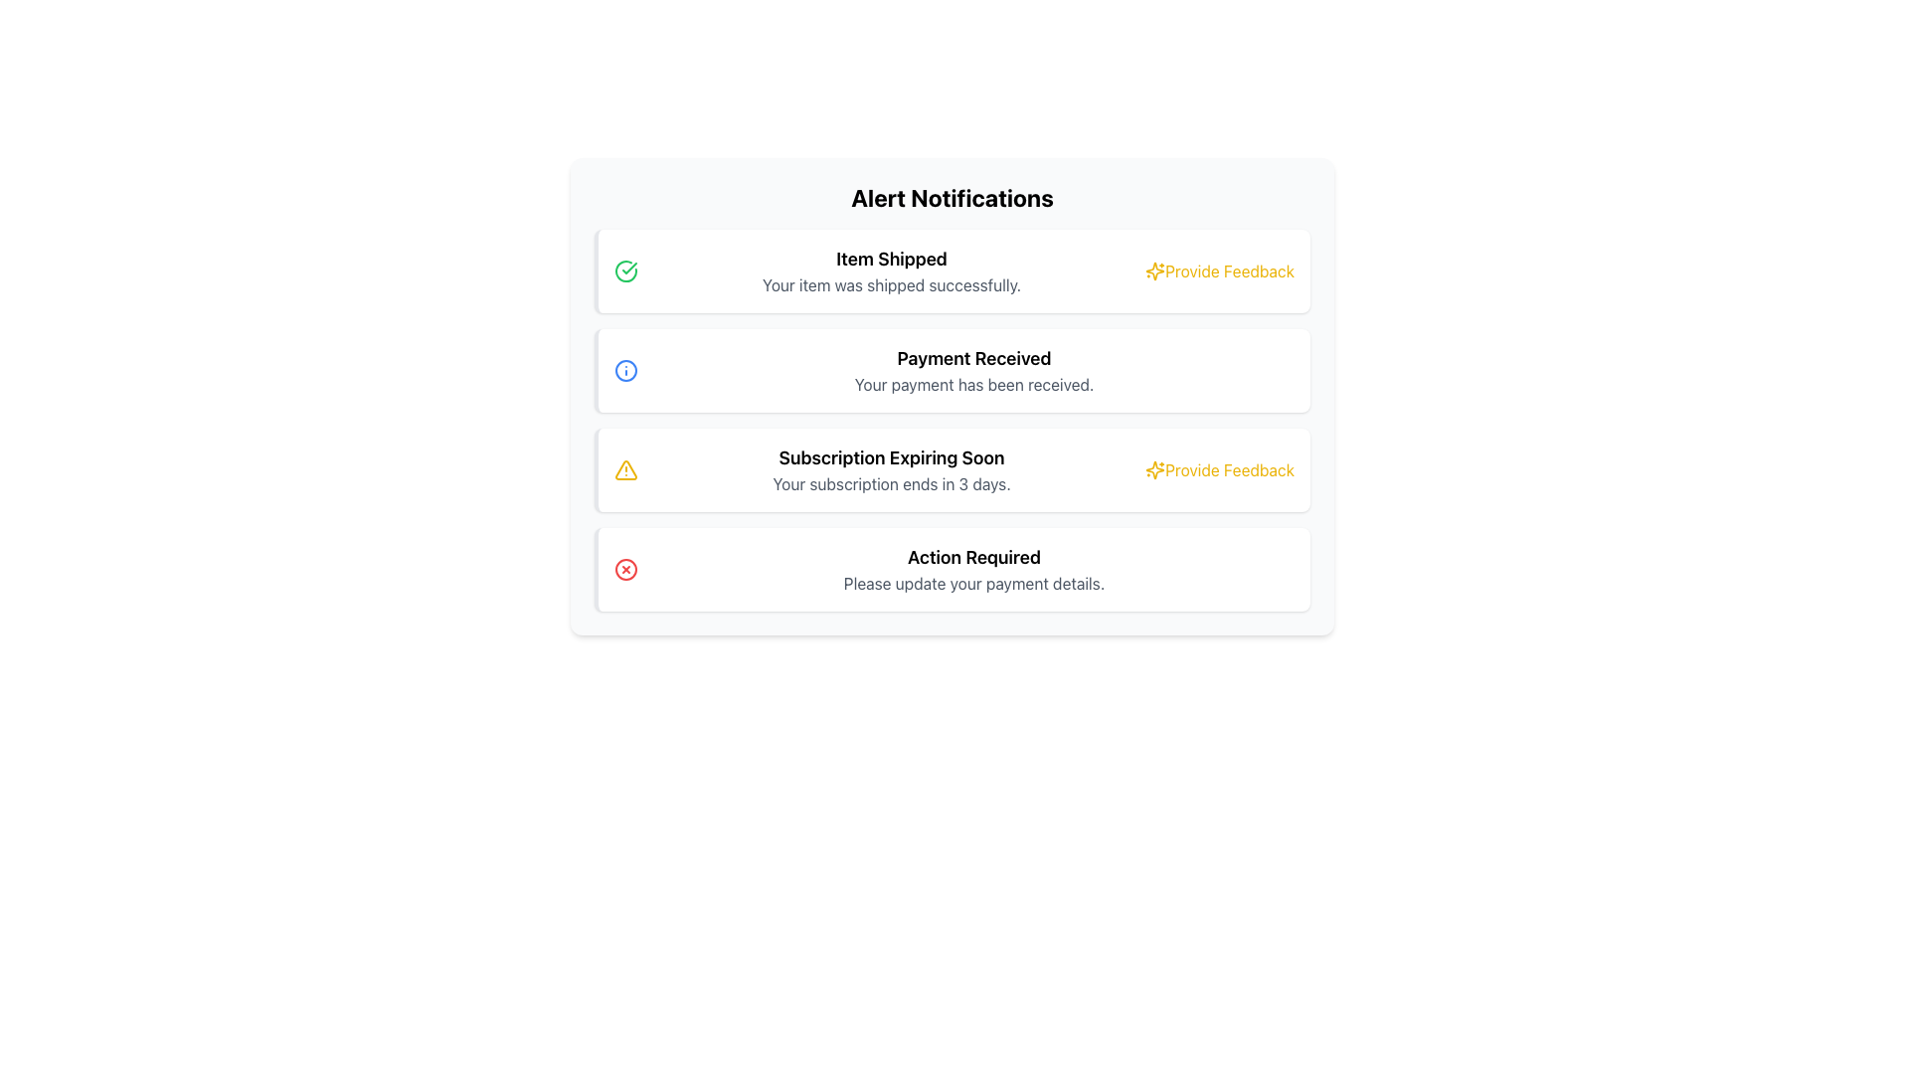  I want to click on the alert icon indicating subscription expiration located in the third alert card from the top, positioned to the far left and vertically centered, so click(624, 470).